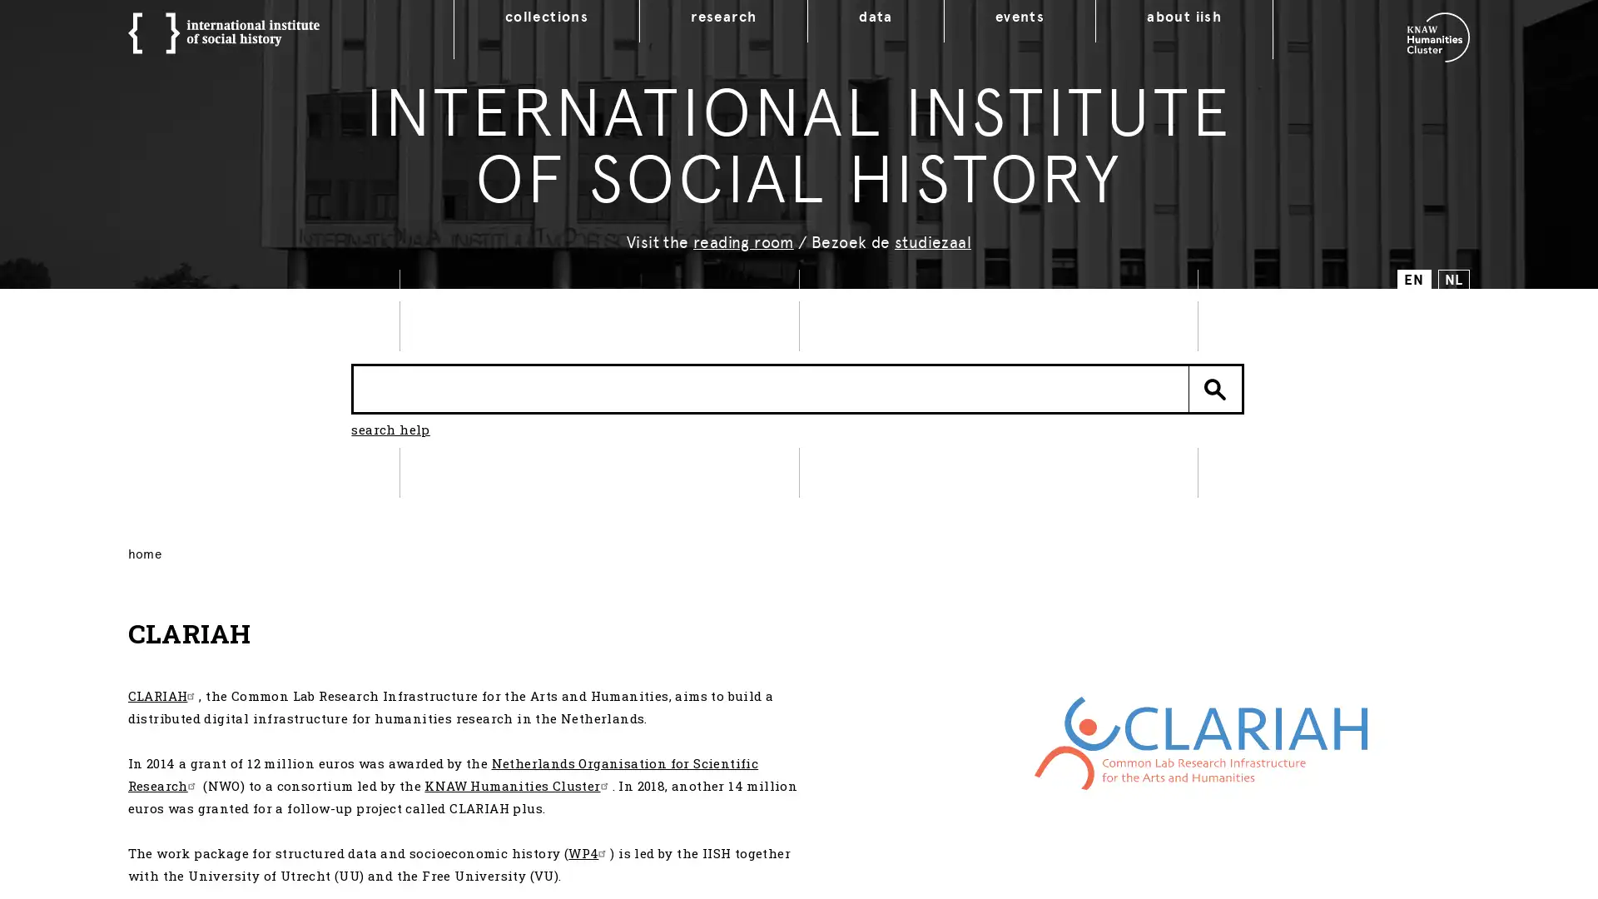 This screenshot has width=1598, height=899. I want to click on Search, so click(1215, 388).